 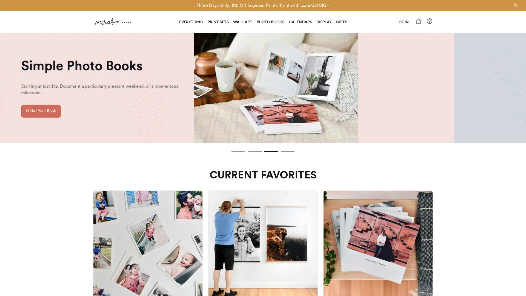 I want to click on slide dot, so click(x=238, y=151).